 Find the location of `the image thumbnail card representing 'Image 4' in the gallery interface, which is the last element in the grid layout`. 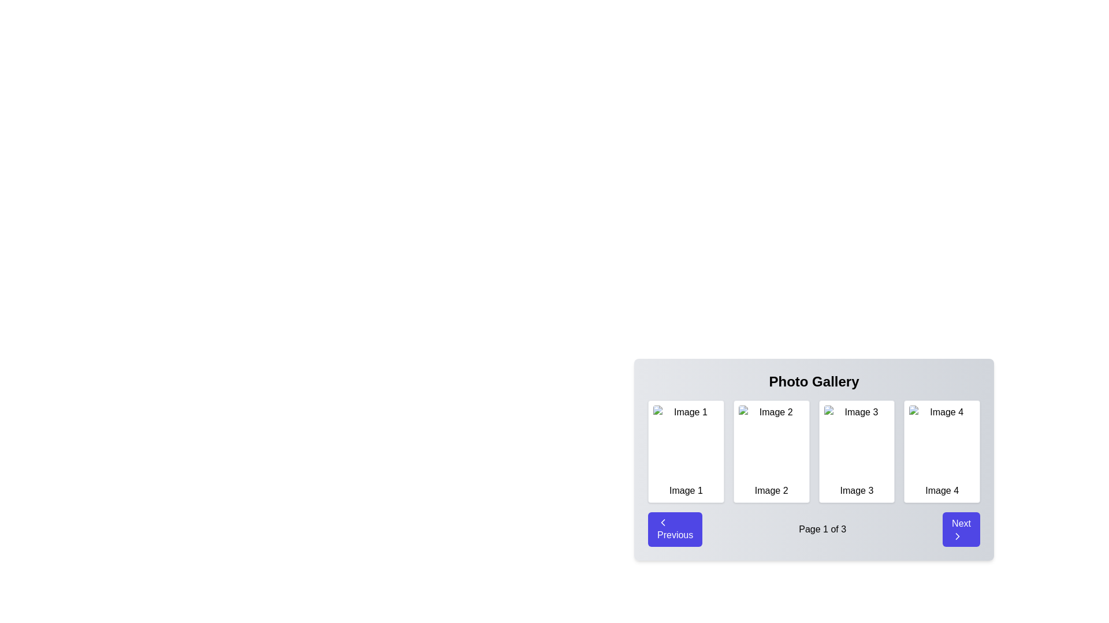

the image thumbnail card representing 'Image 4' in the gallery interface, which is the last element in the grid layout is located at coordinates (942, 451).